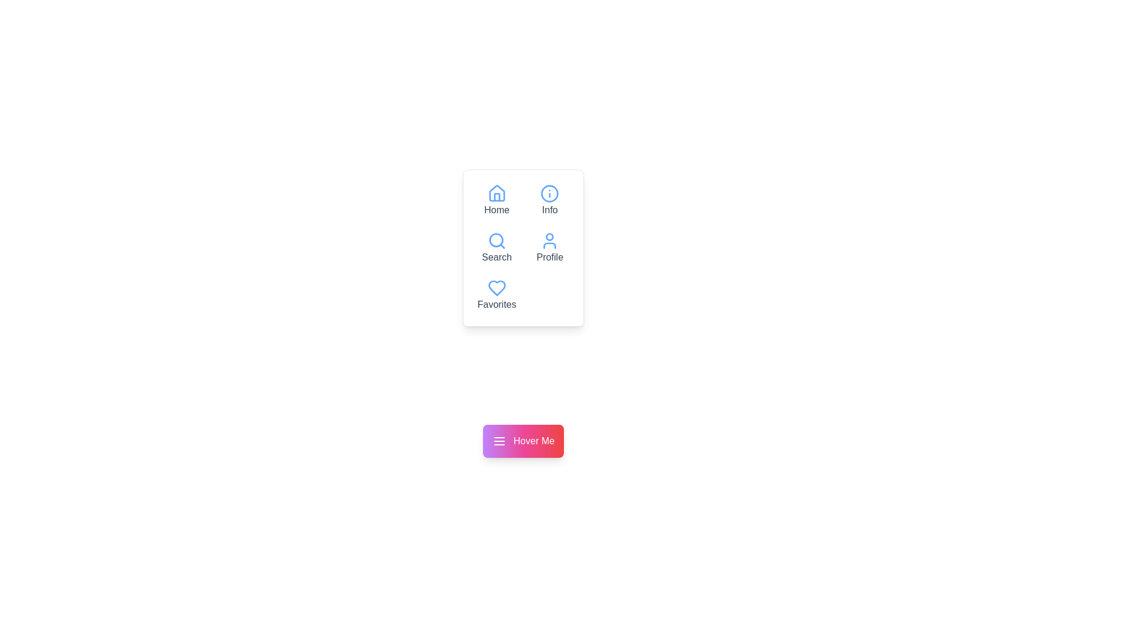 This screenshot has height=638, width=1135. Describe the element at coordinates (549, 237) in the screenshot. I see `the circle graphical vector component that represents the user's profile within the top center portion of the user profile icon in the top-right quadrant of the menu` at that location.